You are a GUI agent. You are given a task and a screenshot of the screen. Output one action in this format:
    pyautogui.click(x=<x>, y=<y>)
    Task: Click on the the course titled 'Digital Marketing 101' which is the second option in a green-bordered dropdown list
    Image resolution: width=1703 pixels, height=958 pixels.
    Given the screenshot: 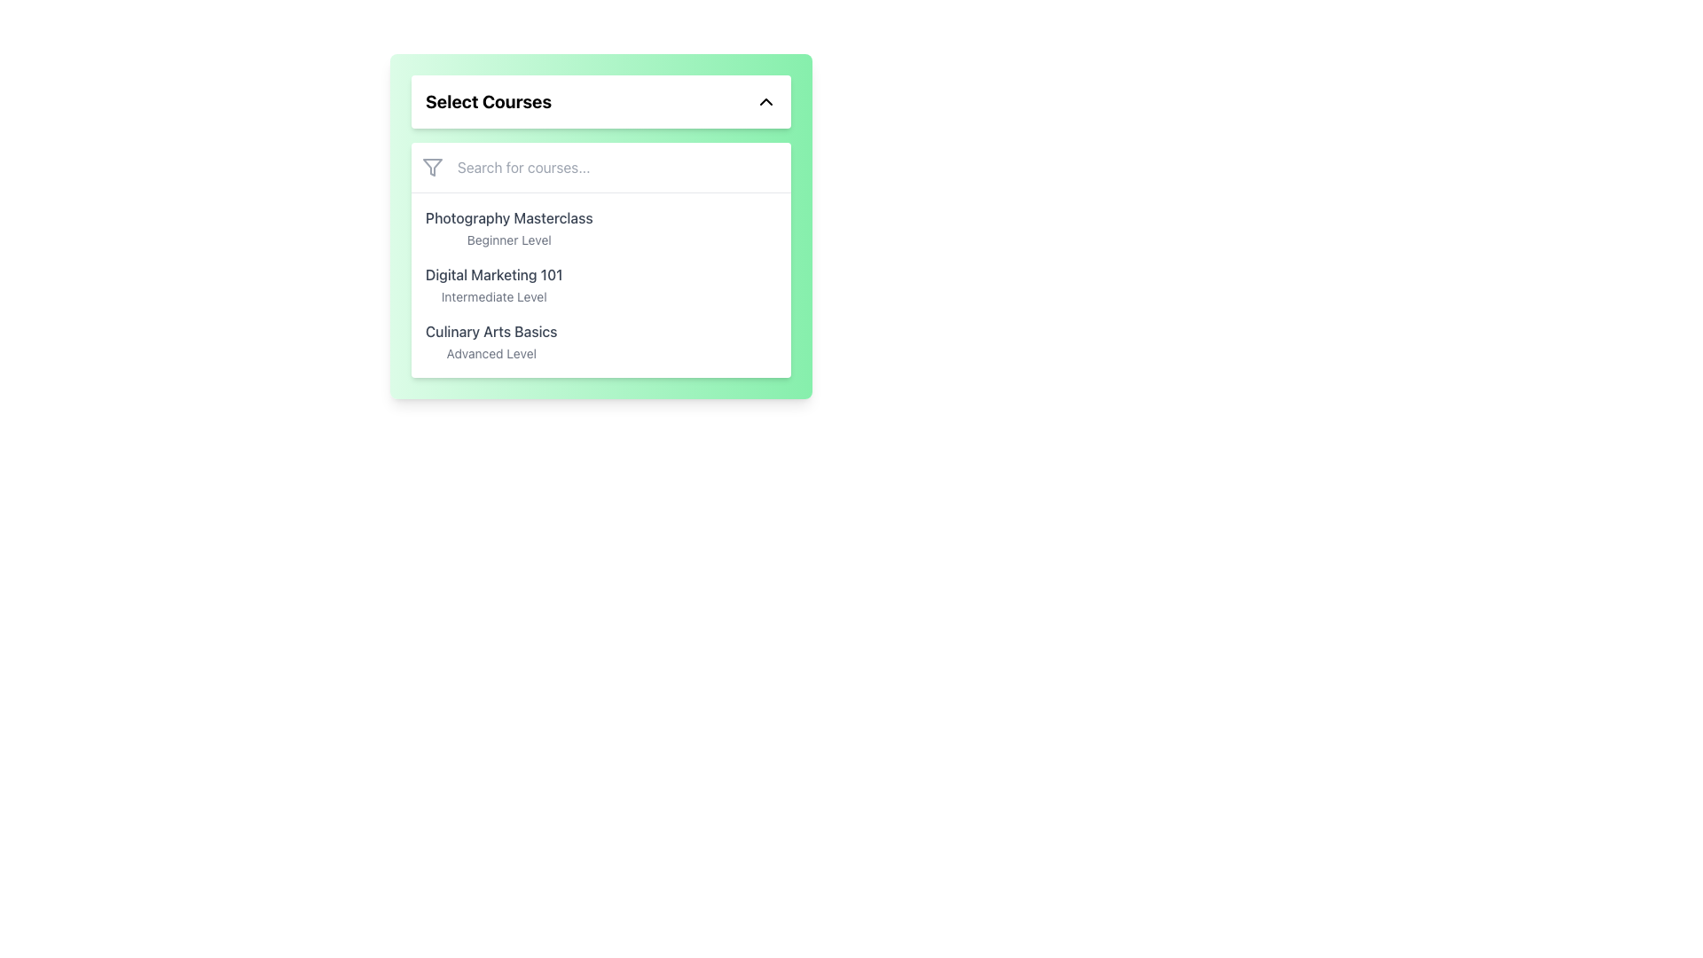 What is the action you would take?
    pyautogui.click(x=494, y=284)
    